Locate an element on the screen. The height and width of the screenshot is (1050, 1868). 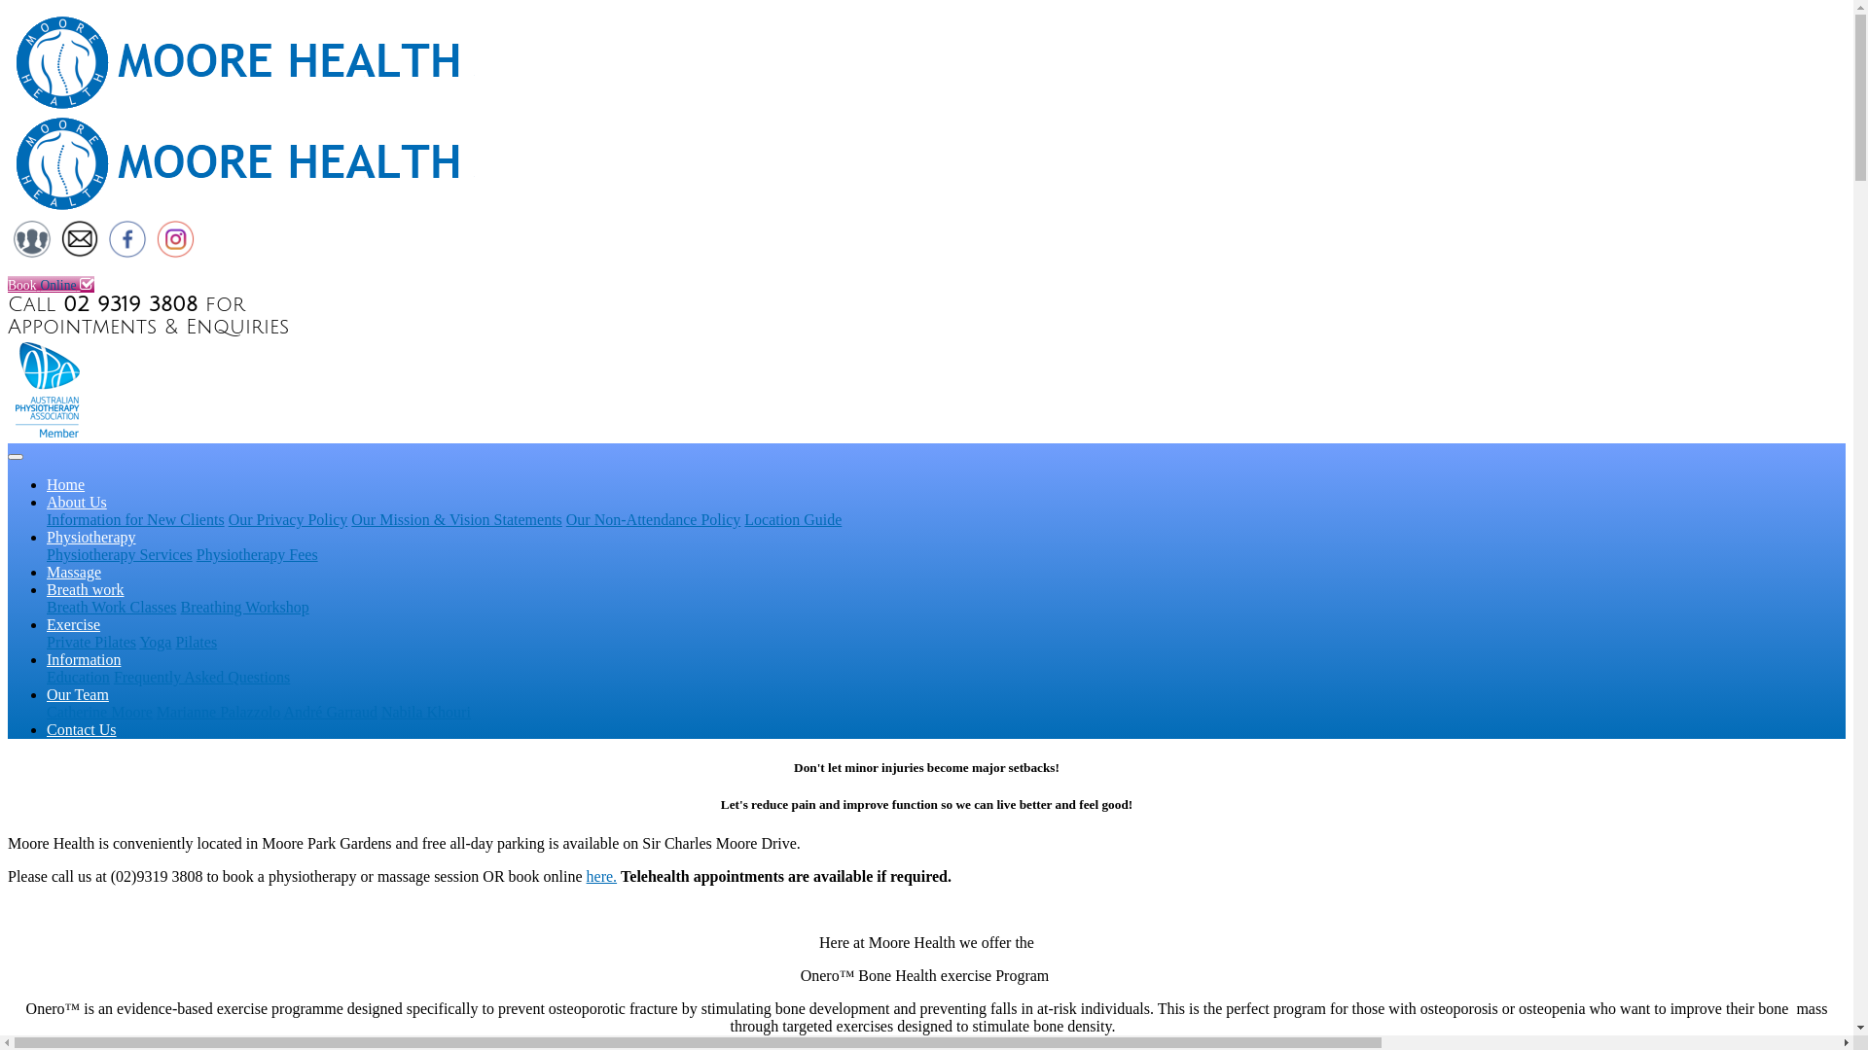
'Our Privacy Policy' is located at coordinates (287, 518).